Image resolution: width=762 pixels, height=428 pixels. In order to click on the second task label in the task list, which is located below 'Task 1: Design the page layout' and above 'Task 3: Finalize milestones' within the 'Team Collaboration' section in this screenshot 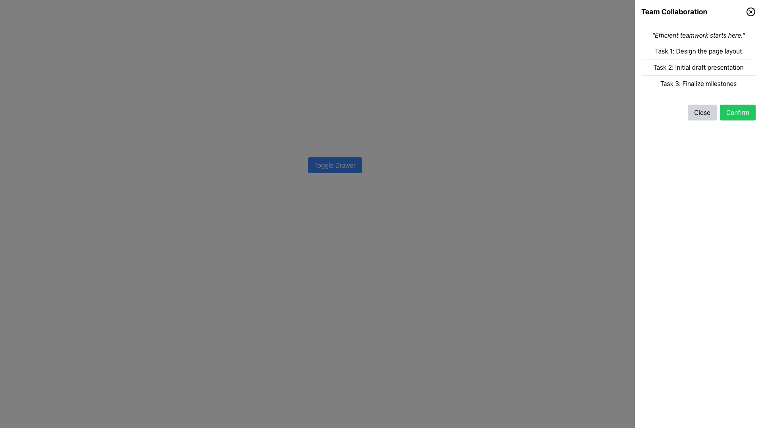, I will do `click(698, 67)`.